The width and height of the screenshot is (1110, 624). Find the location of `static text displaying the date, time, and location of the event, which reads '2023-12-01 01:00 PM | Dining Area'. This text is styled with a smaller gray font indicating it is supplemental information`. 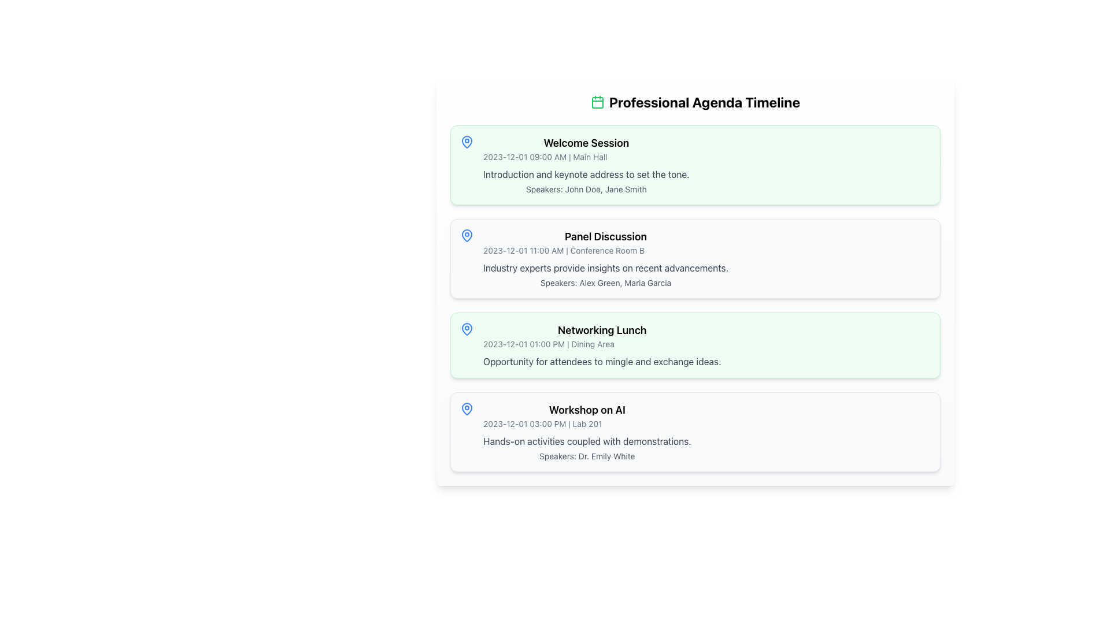

static text displaying the date, time, and location of the event, which reads '2023-12-01 01:00 PM | Dining Area'. This text is styled with a smaller gray font indicating it is supplemental information is located at coordinates (601, 344).